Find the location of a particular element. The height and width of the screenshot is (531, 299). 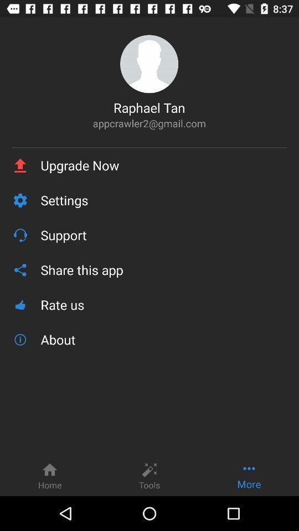

the item below the share this app item is located at coordinates (163, 305).